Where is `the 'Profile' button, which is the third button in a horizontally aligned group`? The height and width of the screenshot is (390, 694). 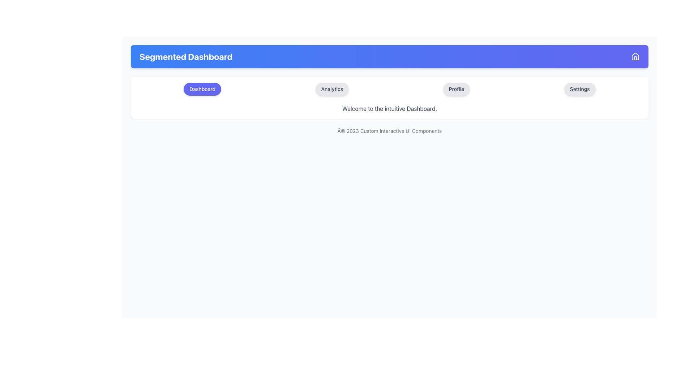 the 'Profile' button, which is the third button in a horizontally aligned group is located at coordinates (456, 88).